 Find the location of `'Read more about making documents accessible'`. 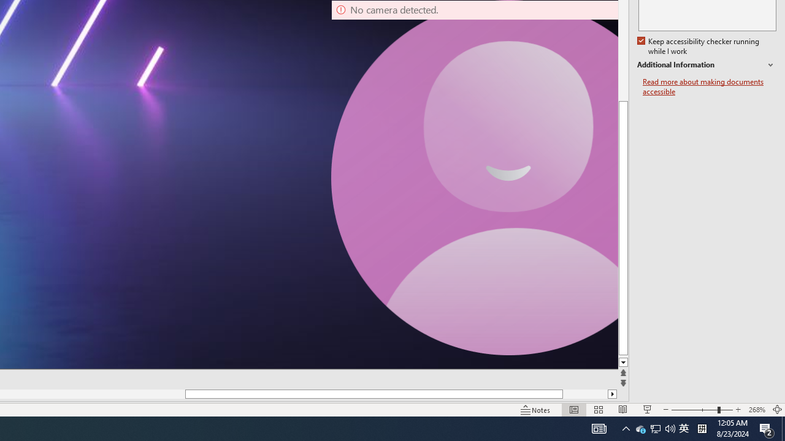

'Read more about making documents accessible' is located at coordinates (710, 86).